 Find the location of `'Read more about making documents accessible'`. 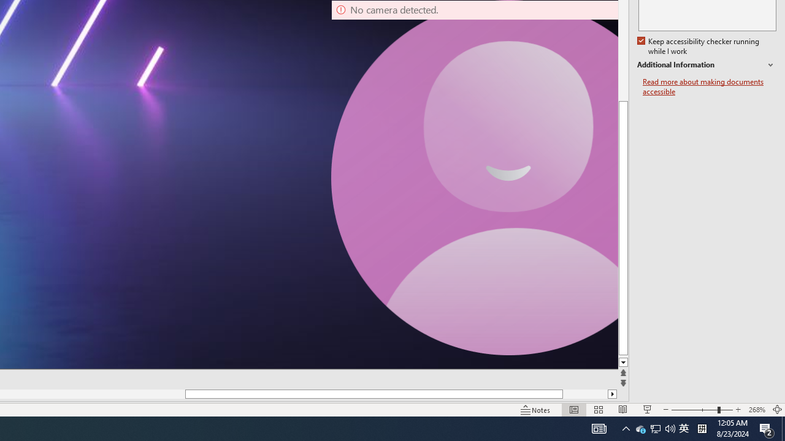

'Read more about making documents accessible' is located at coordinates (710, 86).